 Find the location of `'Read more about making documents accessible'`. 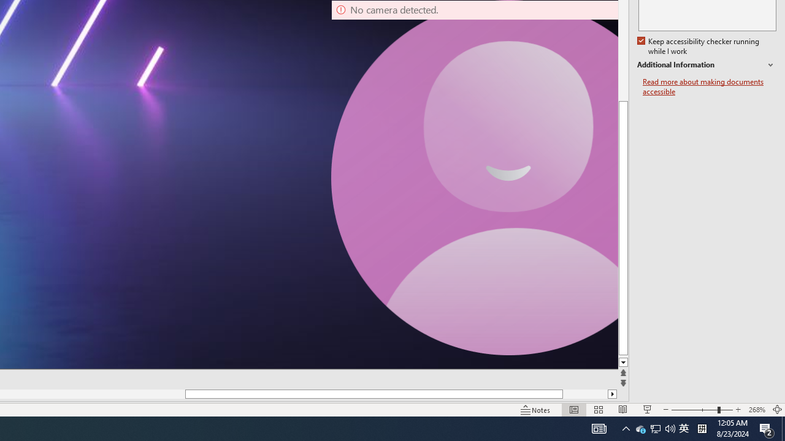

'Read more about making documents accessible' is located at coordinates (710, 86).